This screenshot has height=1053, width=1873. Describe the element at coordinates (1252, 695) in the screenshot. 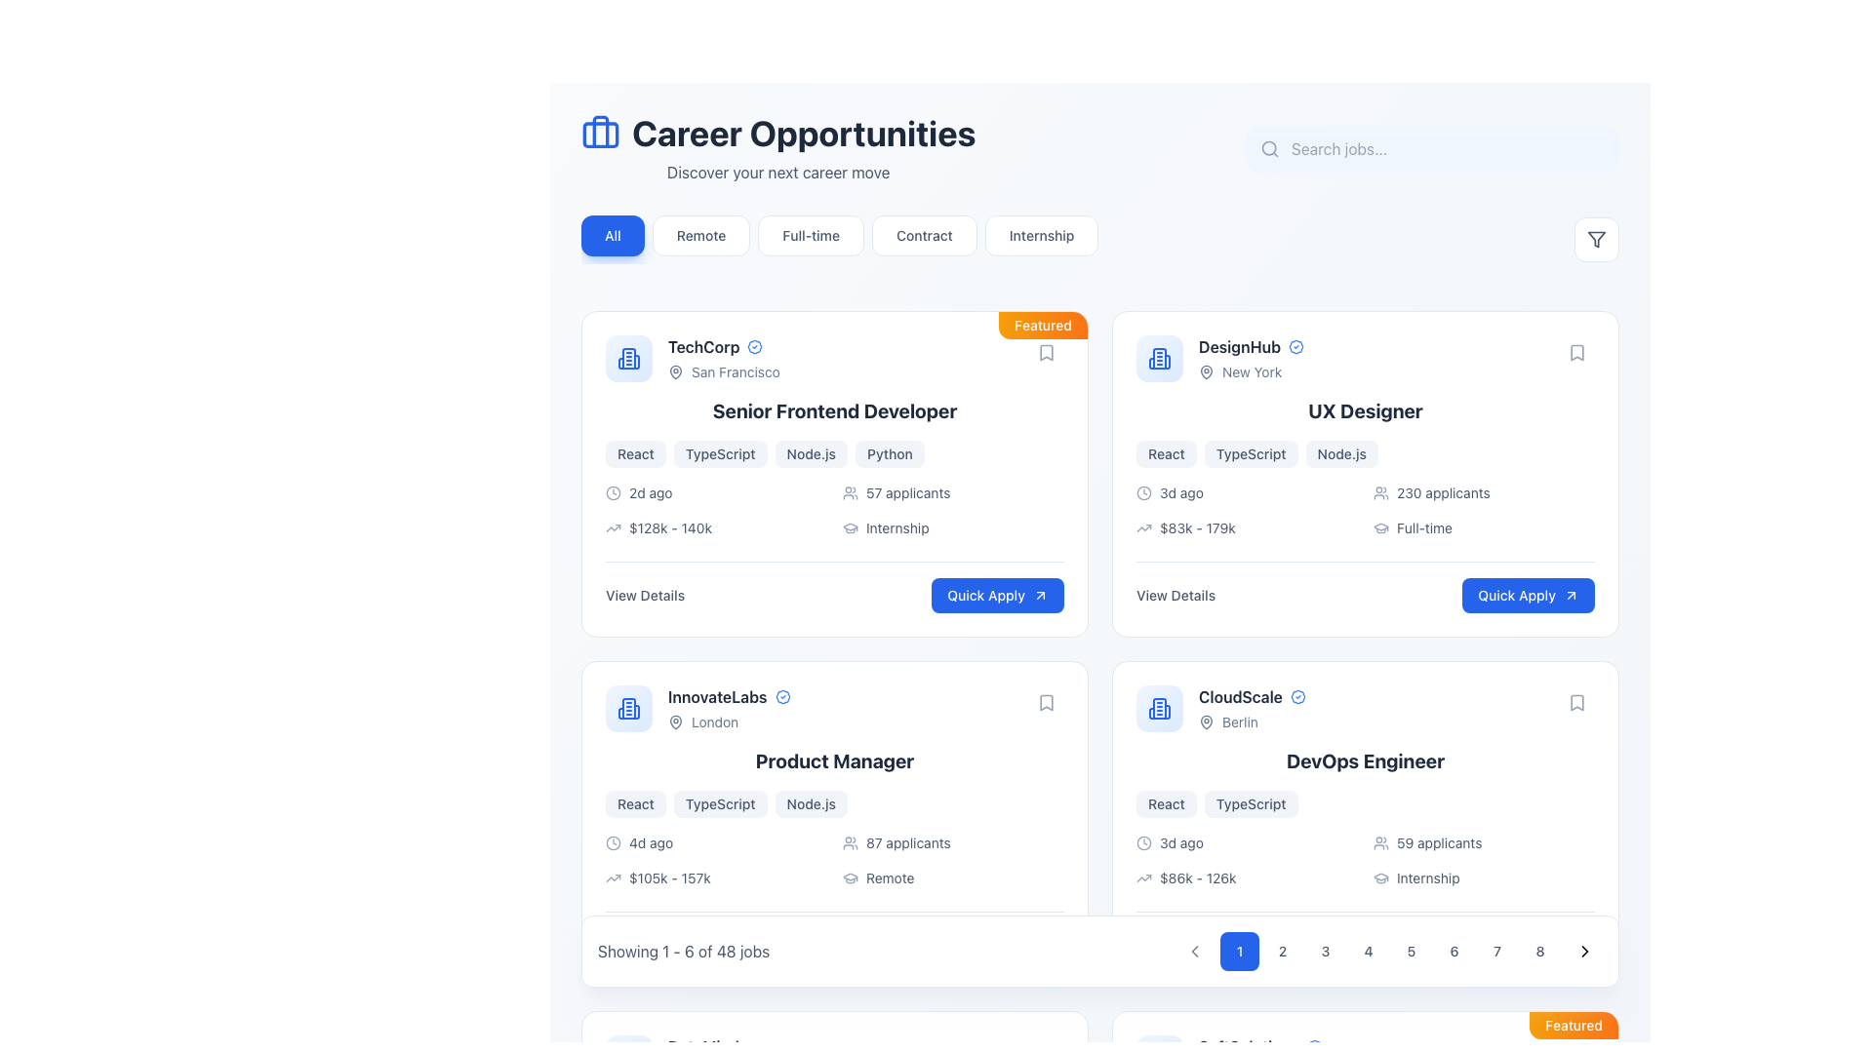

I see `the 'CloudScale' label with a blue verification badge, located in the middle-right region of the interface above the 'Berlin' label` at that location.